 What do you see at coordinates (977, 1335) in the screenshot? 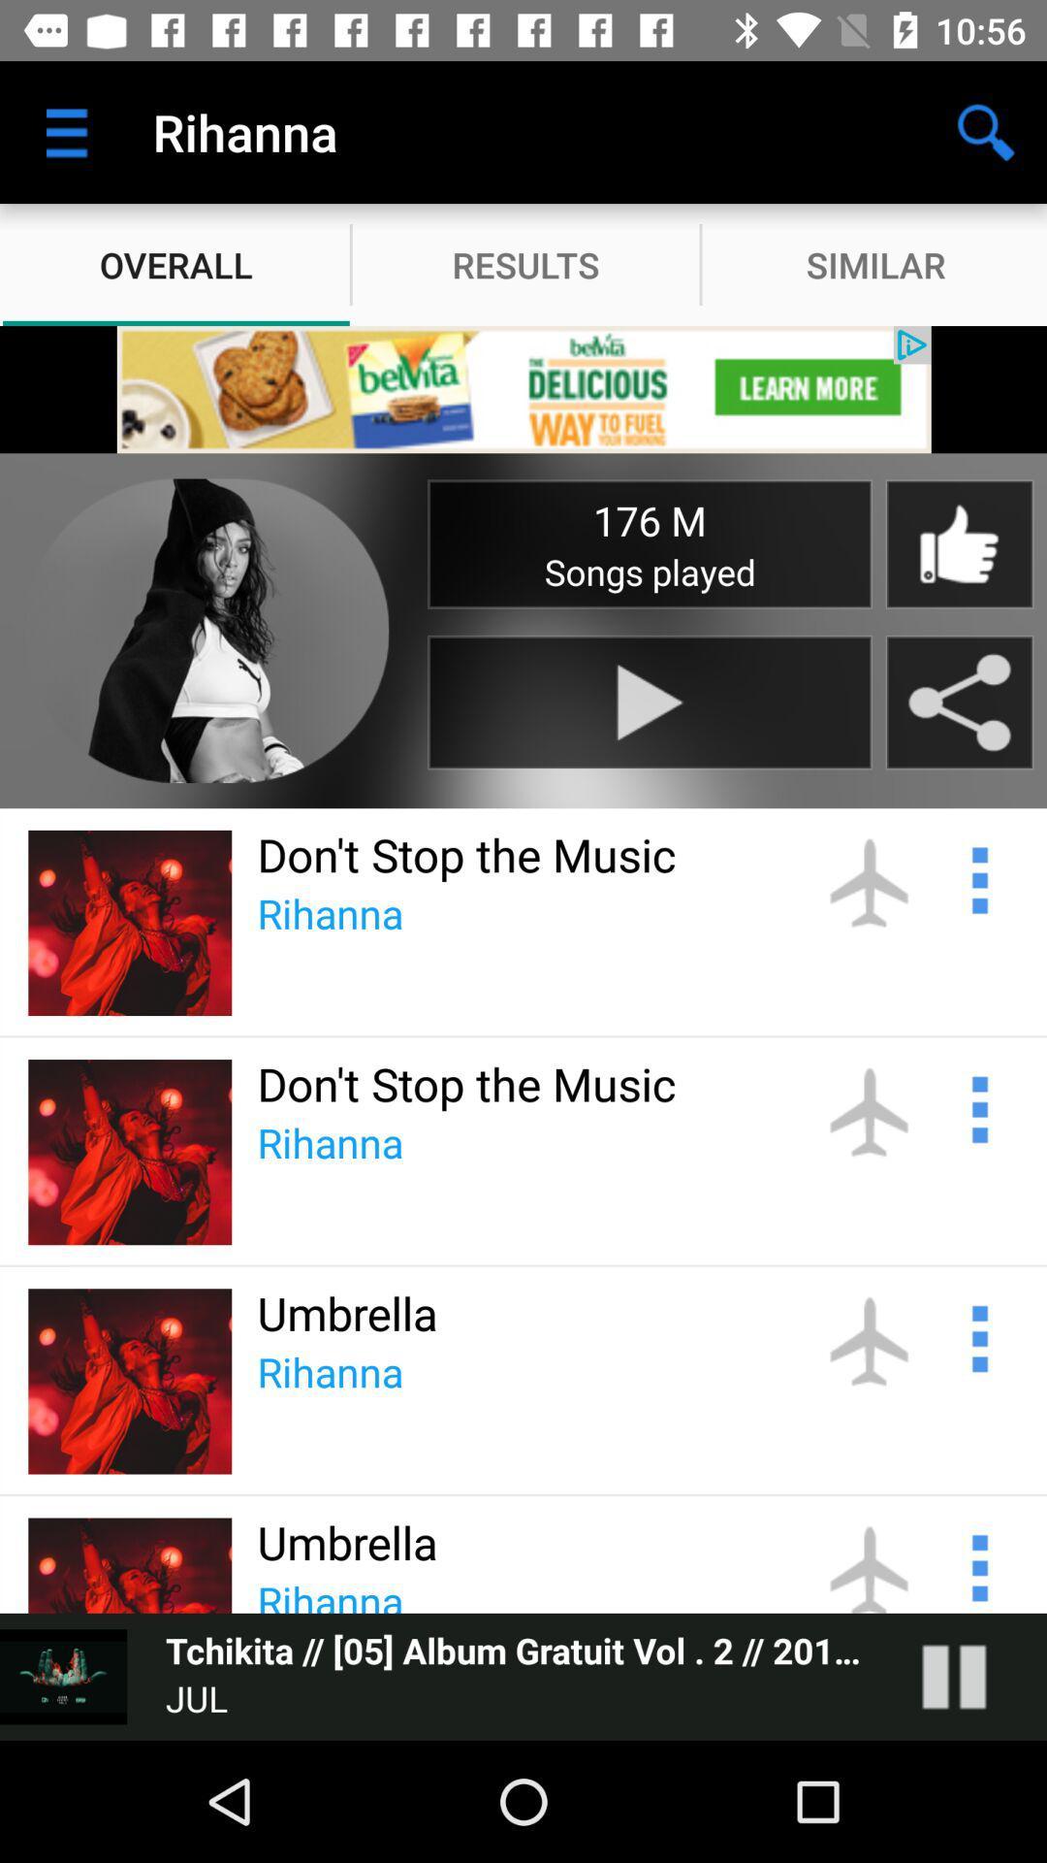
I see `menu` at bounding box center [977, 1335].